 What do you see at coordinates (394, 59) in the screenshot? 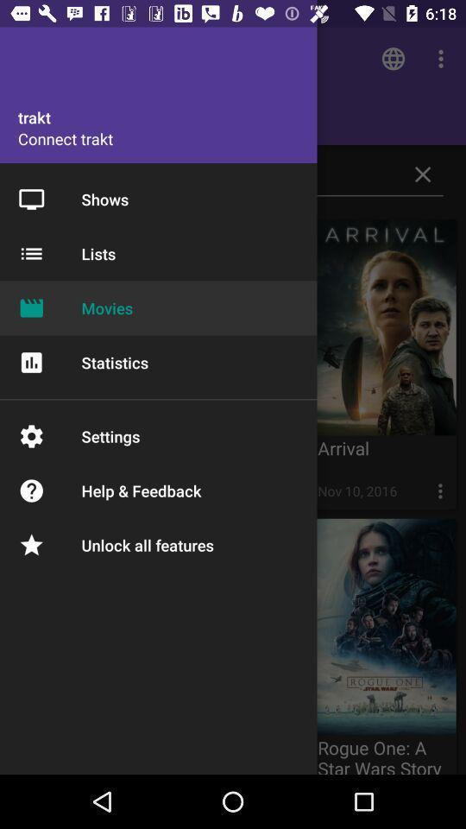
I see `the symbol which is above the trakt` at bounding box center [394, 59].